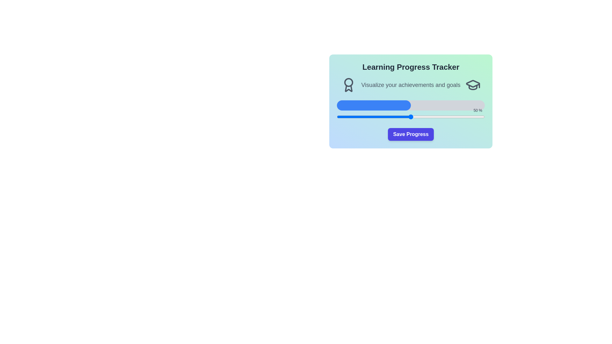  What do you see at coordinates (390, 117) in the screenshot?
I see `the progress slider to 36%` at bounding box center [390, 117].